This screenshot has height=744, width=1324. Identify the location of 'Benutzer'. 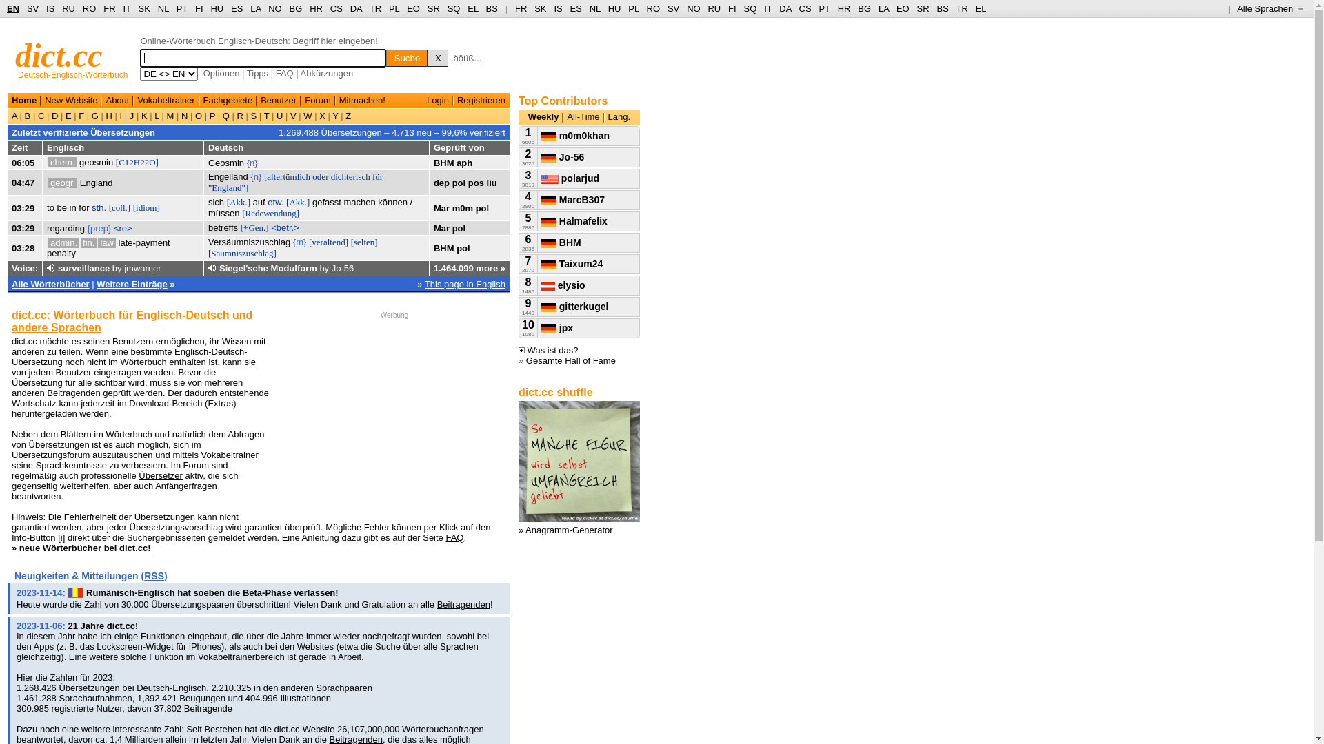
(277, 99).